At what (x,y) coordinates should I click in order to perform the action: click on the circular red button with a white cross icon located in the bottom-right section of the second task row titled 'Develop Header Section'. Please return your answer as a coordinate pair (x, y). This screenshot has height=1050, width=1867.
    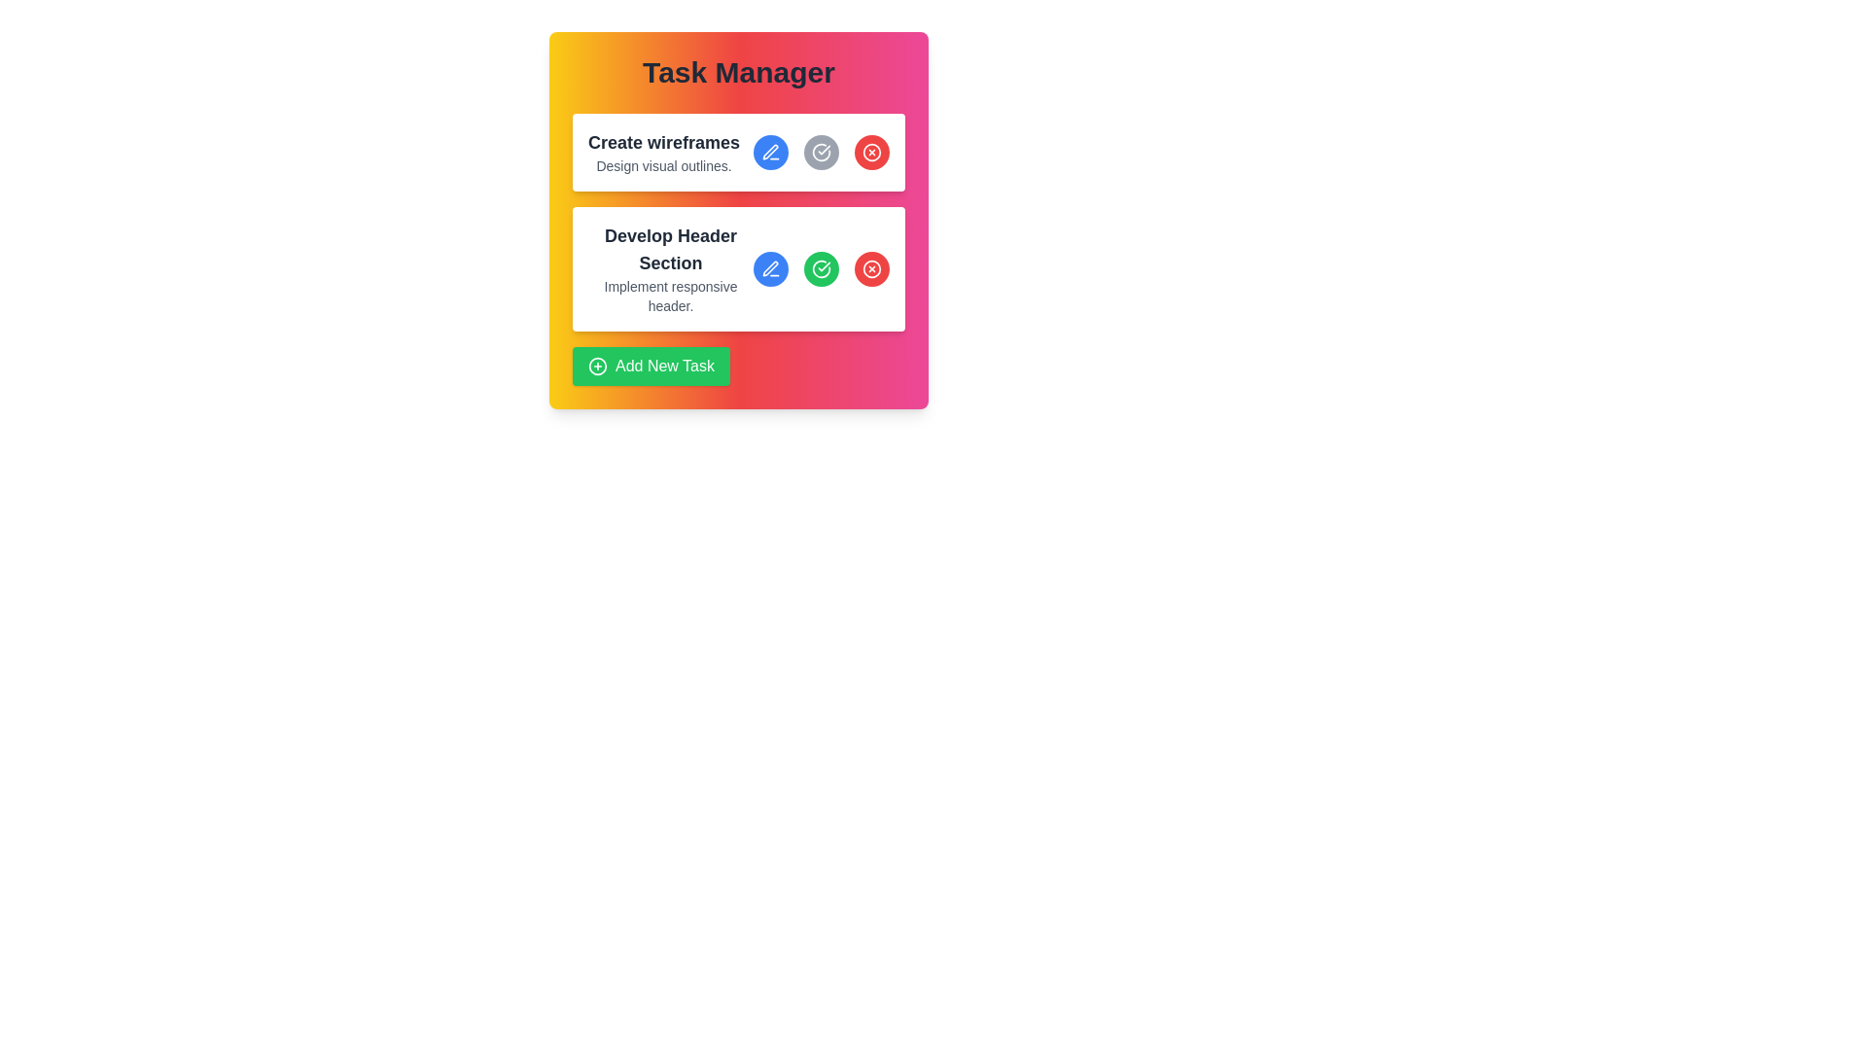
    Looking at the image, I should click on (871, 269).